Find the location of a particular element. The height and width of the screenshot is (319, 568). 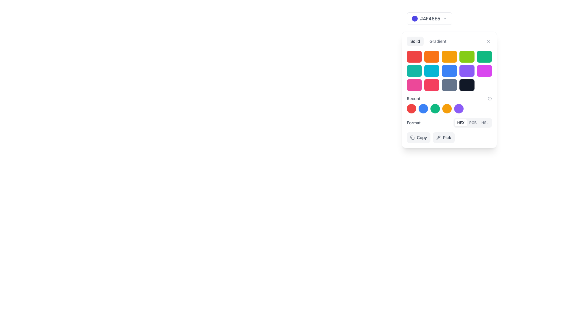

the 'Solid' color mode button located at the top-left corner of the color options layout is located at coordinates (415, 41).